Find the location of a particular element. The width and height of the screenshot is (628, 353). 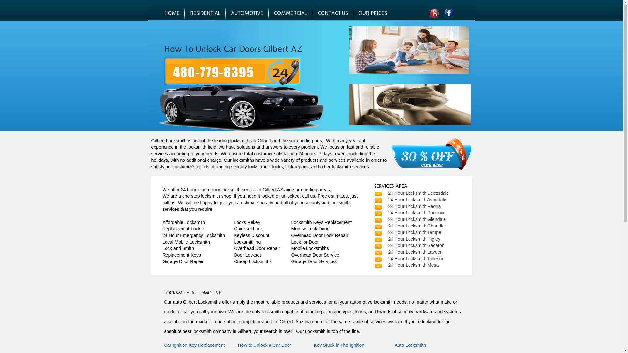

'Garage Door Repair' is located at coordinates (183, 261).